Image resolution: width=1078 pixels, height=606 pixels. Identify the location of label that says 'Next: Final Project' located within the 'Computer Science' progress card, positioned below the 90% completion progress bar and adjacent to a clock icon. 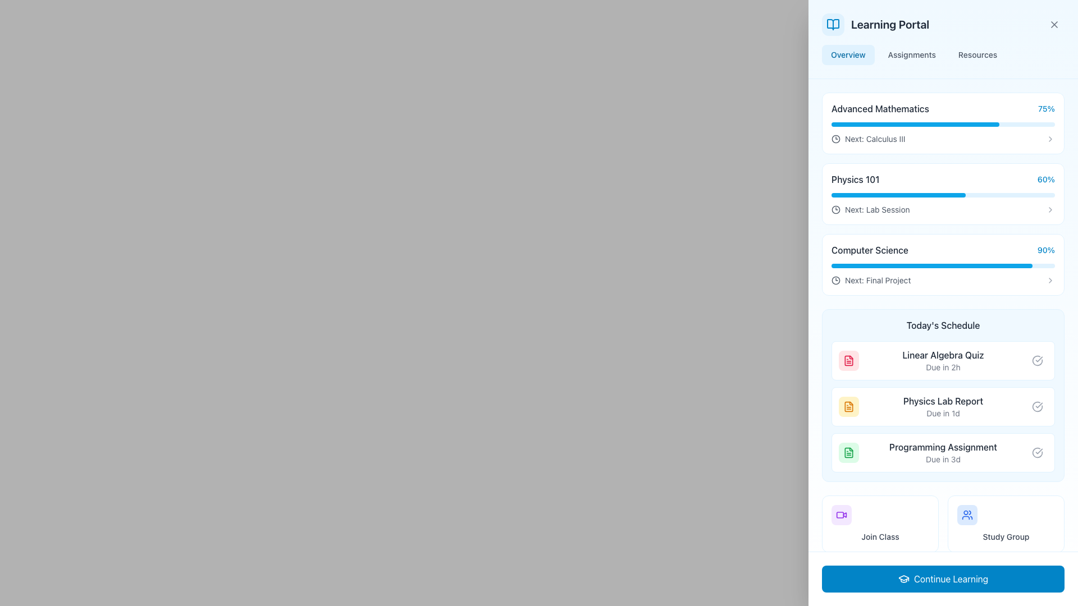
(870, 280).